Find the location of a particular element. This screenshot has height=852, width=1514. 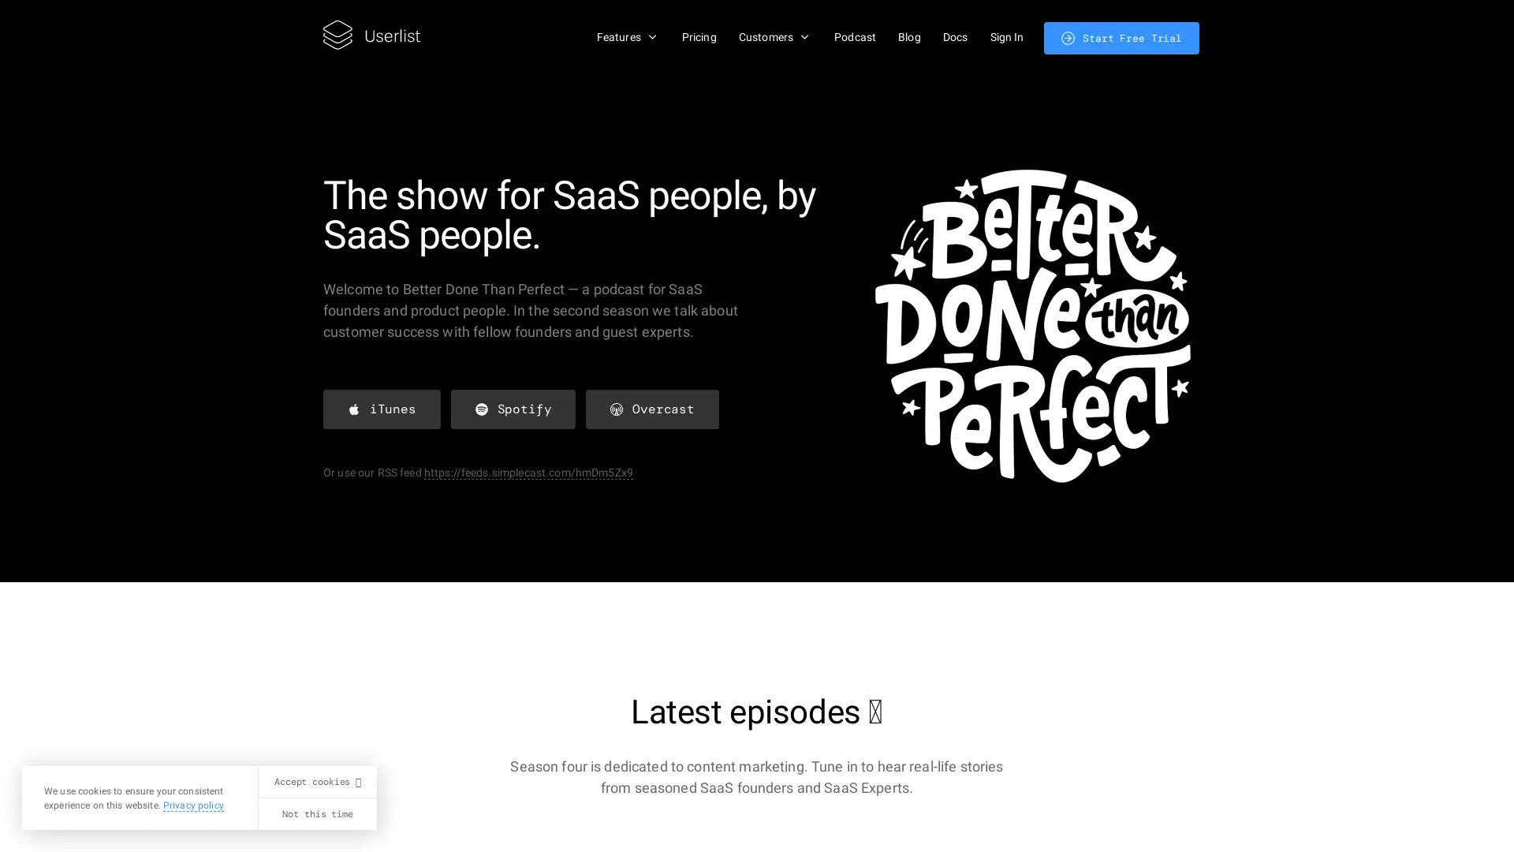

Accept cookies is located at coordinates (316, 782).